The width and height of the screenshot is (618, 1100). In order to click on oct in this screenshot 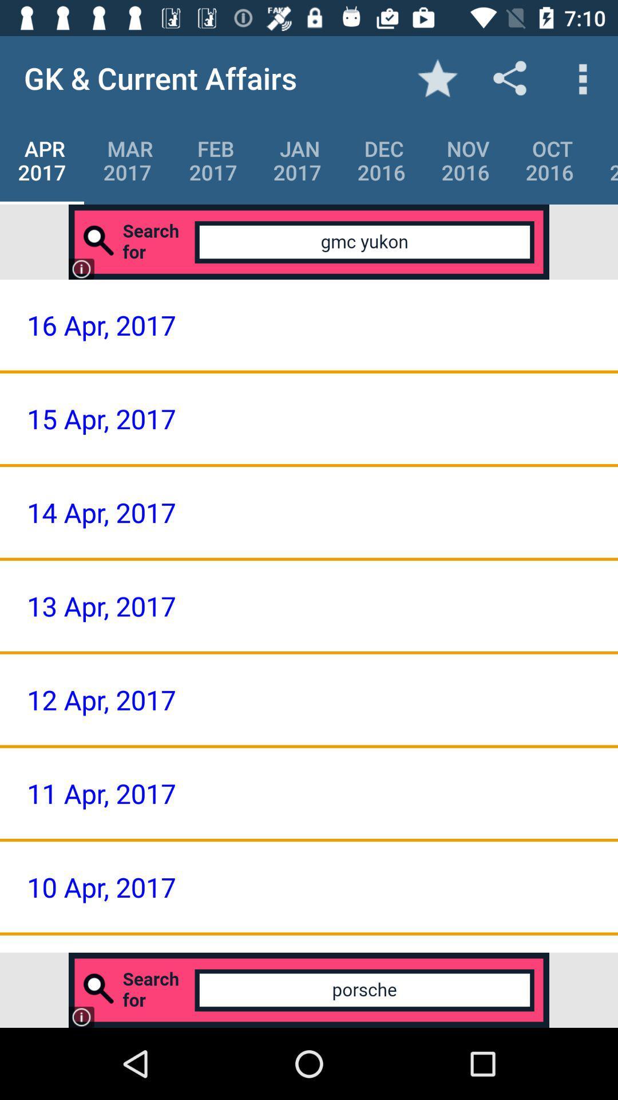, I will do `click(549, 160)`.